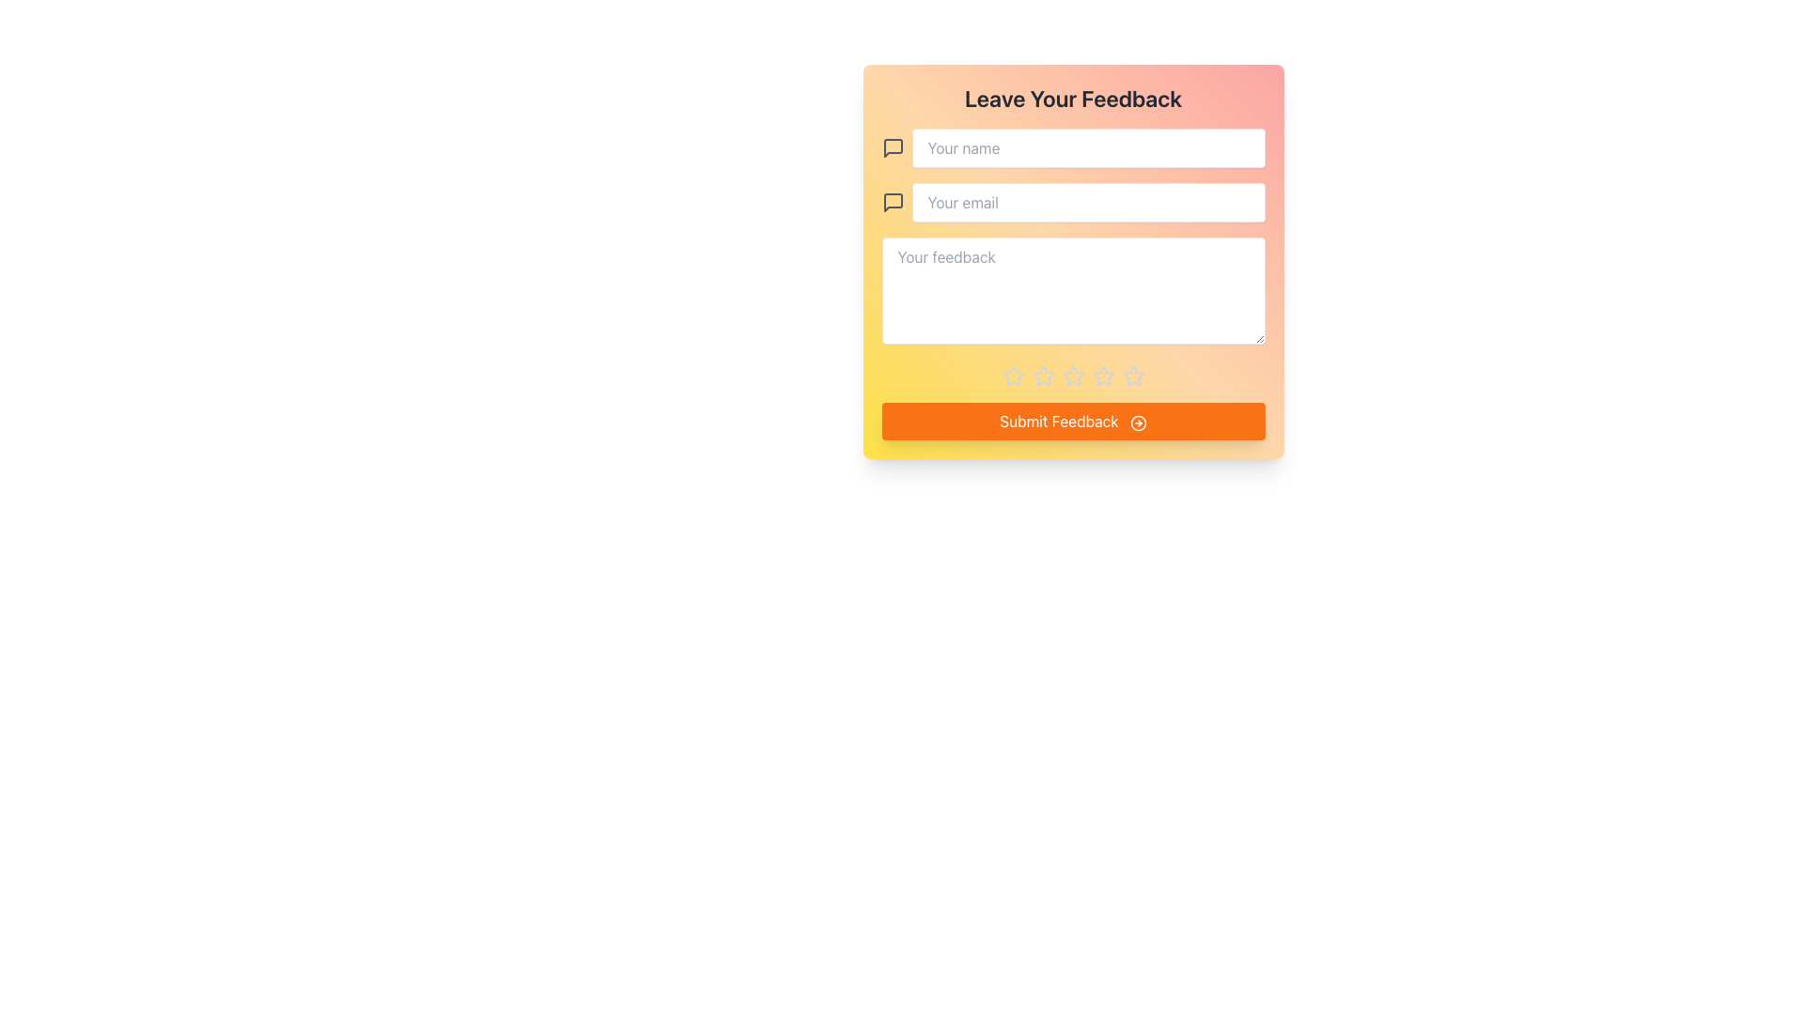  I want to click on the feedback submission button located at the bottom of the 'Leave Your Feedback' form card to observe any styling changes, so click(1073, 420).